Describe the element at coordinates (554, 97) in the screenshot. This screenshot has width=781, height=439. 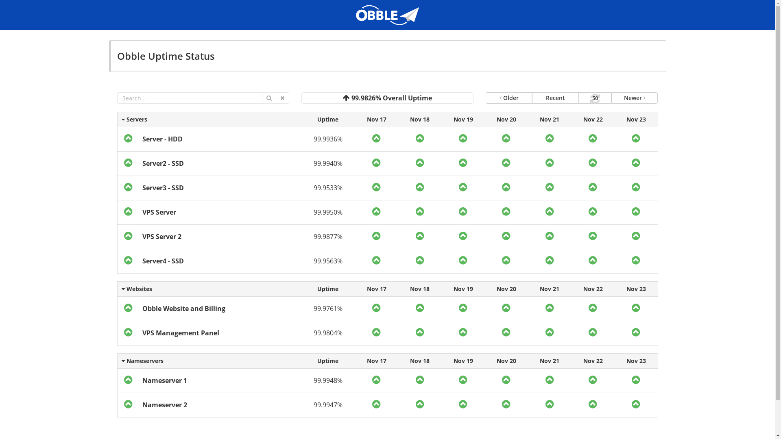
I see `'Recent'` at that location.